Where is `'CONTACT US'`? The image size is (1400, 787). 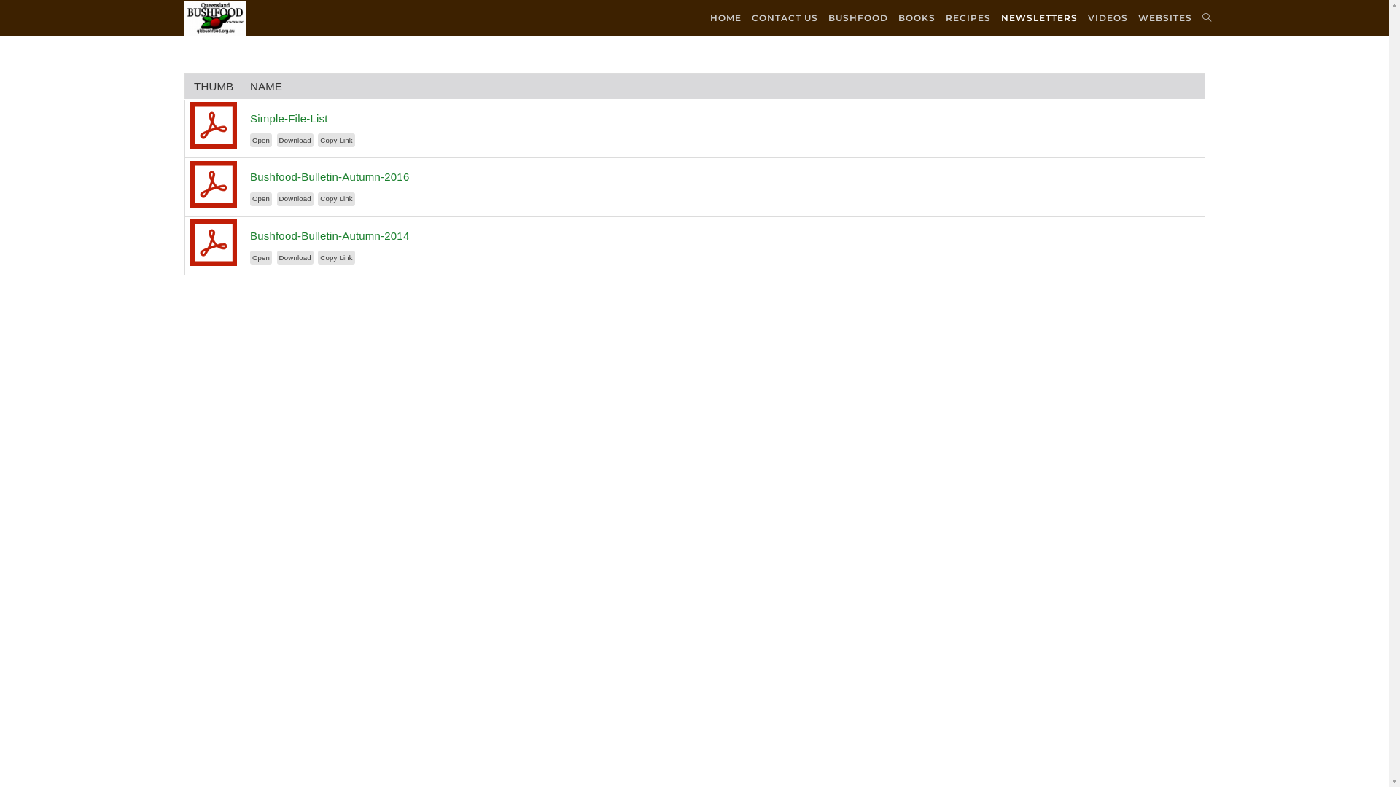 'CONTACT US' is located at coordinates (746, 17).